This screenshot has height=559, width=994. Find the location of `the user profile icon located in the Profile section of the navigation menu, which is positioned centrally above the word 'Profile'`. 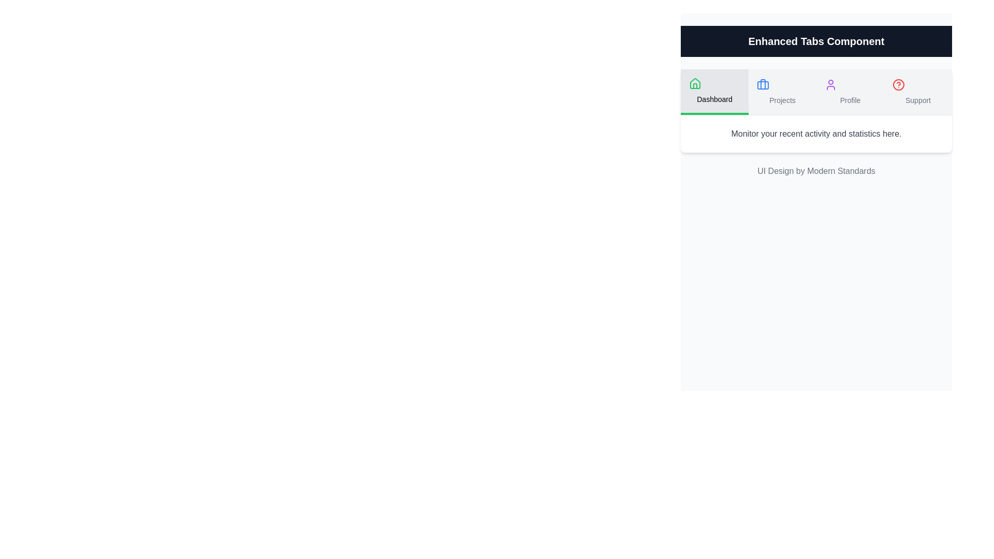

the user profile icon located in the Profile section of the navigation menu, which is positioned centrally above the word 'Profile' is located at coordinates (830, 84).